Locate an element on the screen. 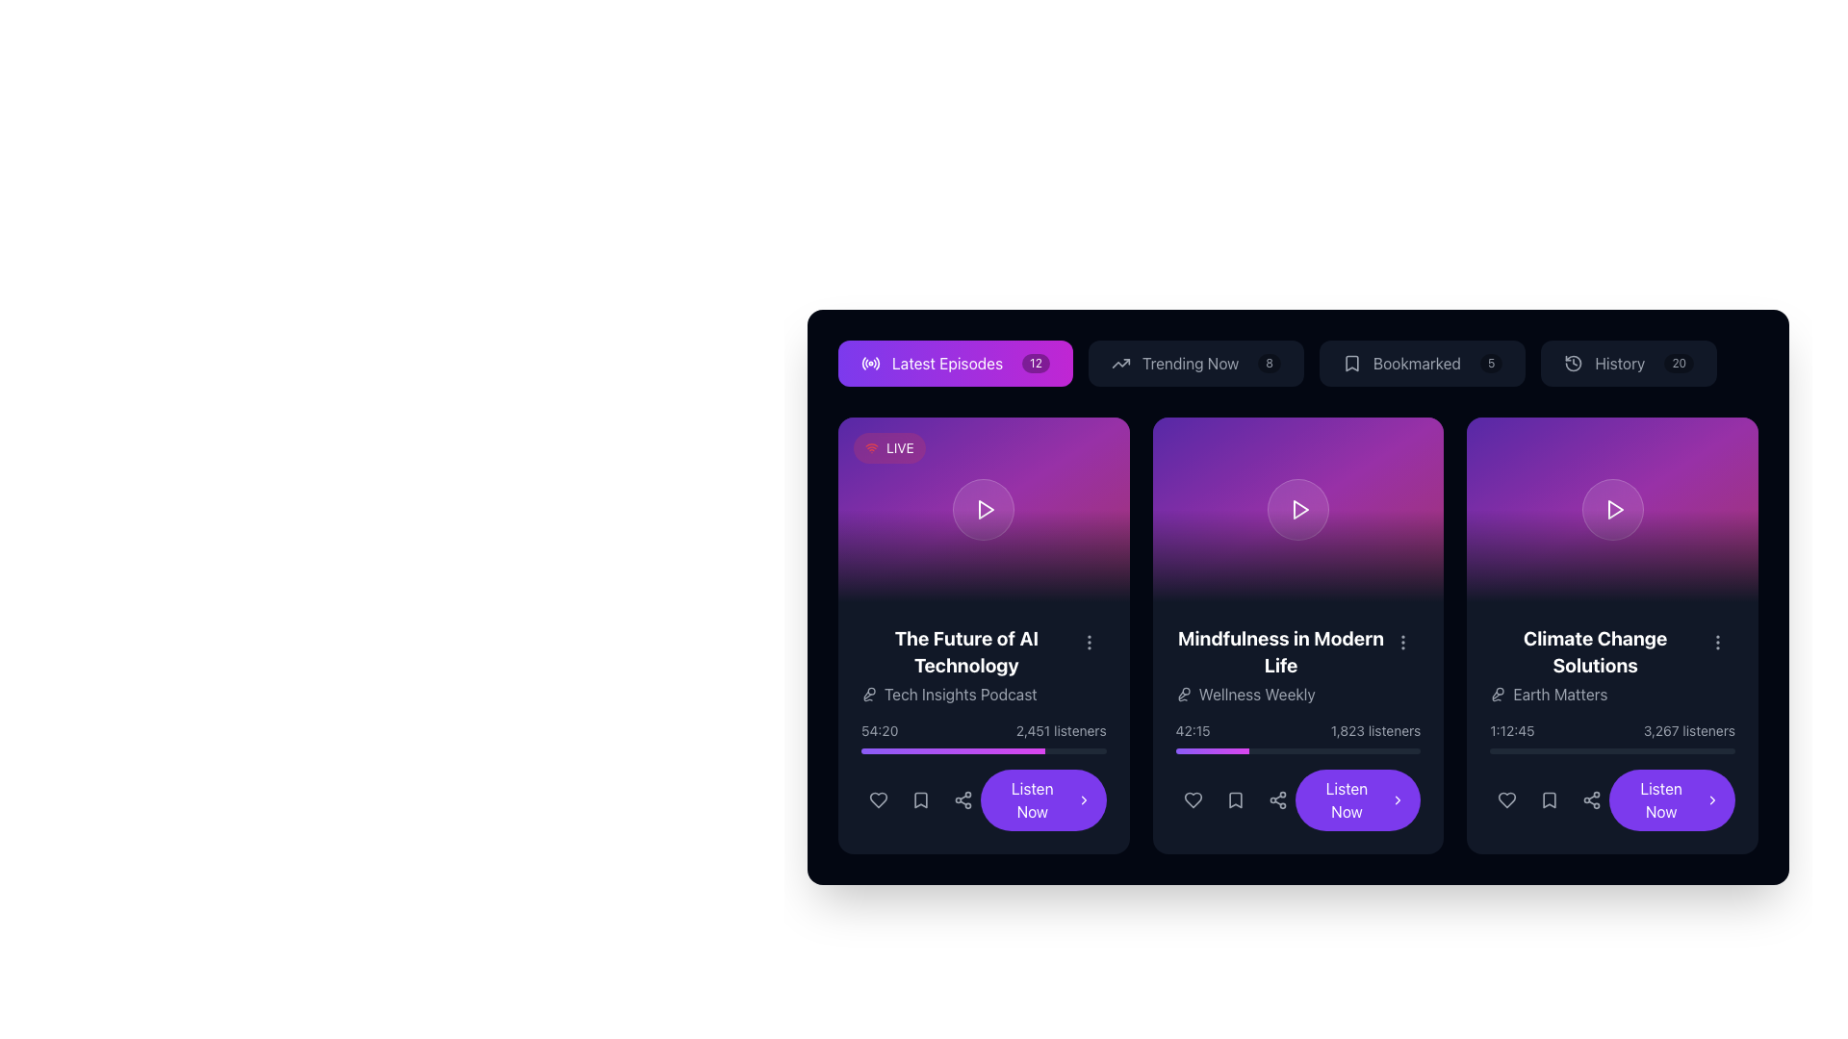  the bookmark button located in the second position of the row of interactive icons under the first card is located at coordinates (919, 800).